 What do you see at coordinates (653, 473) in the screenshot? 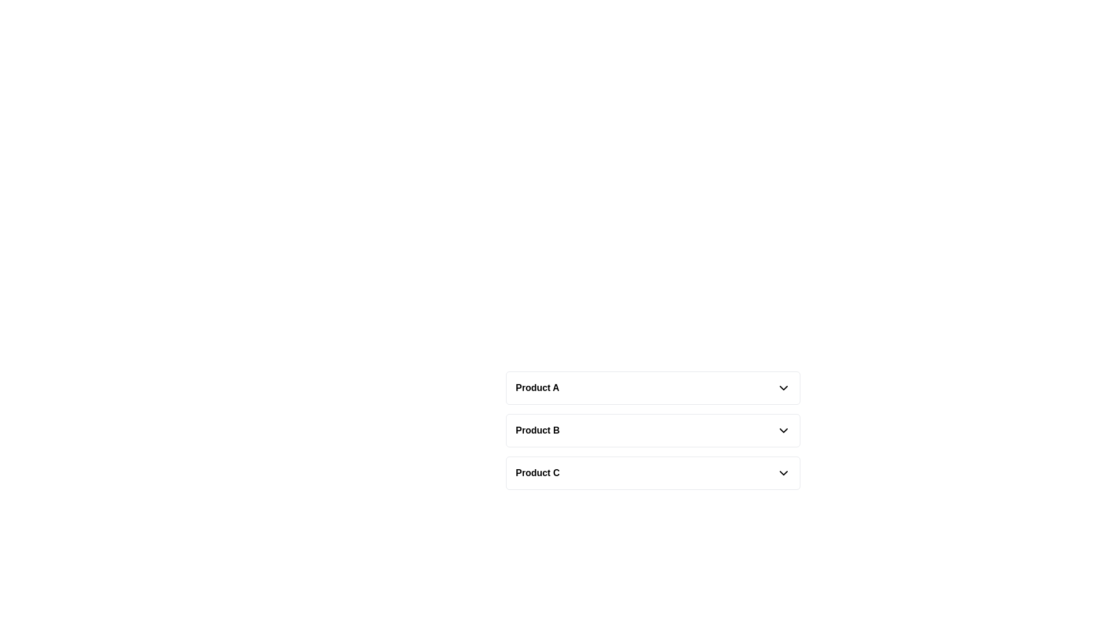
I see `to select the third item in the dropdown menu labeled 'Product C'` at bounding box center [653, 473].